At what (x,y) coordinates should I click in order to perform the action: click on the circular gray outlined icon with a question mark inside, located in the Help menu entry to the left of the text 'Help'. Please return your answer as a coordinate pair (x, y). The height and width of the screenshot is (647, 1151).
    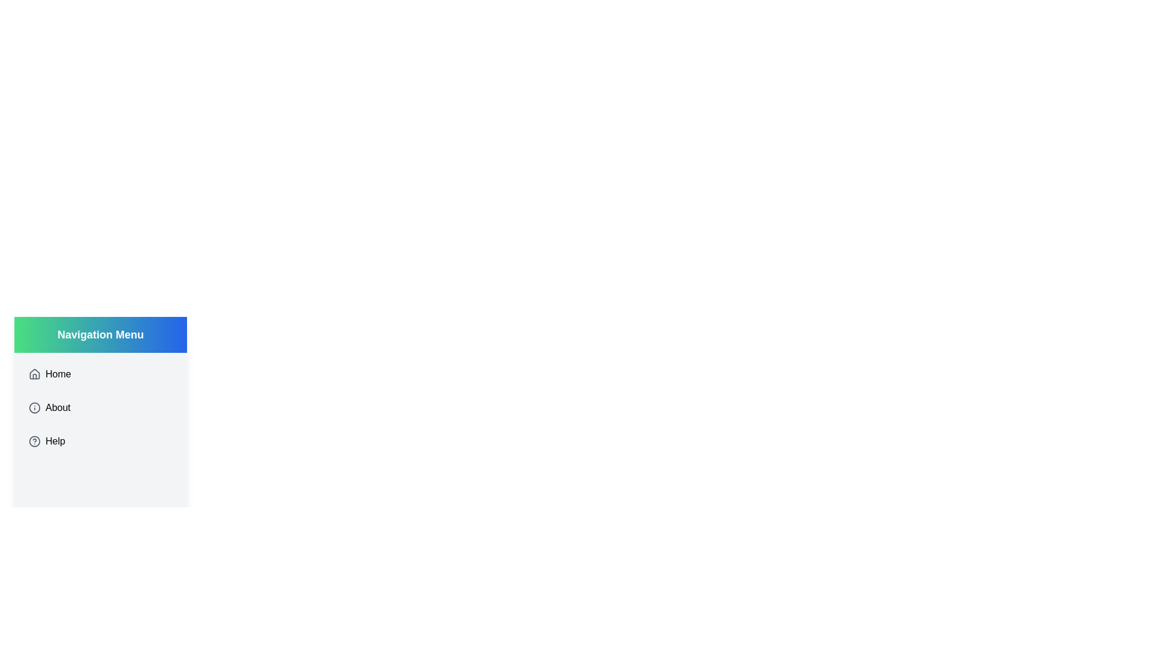
    Looking at the image, I should click on (34, 441).